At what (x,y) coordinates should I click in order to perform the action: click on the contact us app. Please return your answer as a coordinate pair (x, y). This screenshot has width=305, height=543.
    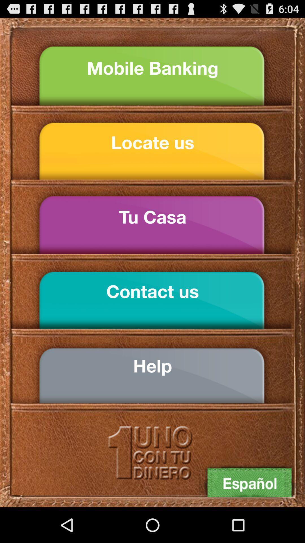
    Looking at the image, I should click on (152, 291).